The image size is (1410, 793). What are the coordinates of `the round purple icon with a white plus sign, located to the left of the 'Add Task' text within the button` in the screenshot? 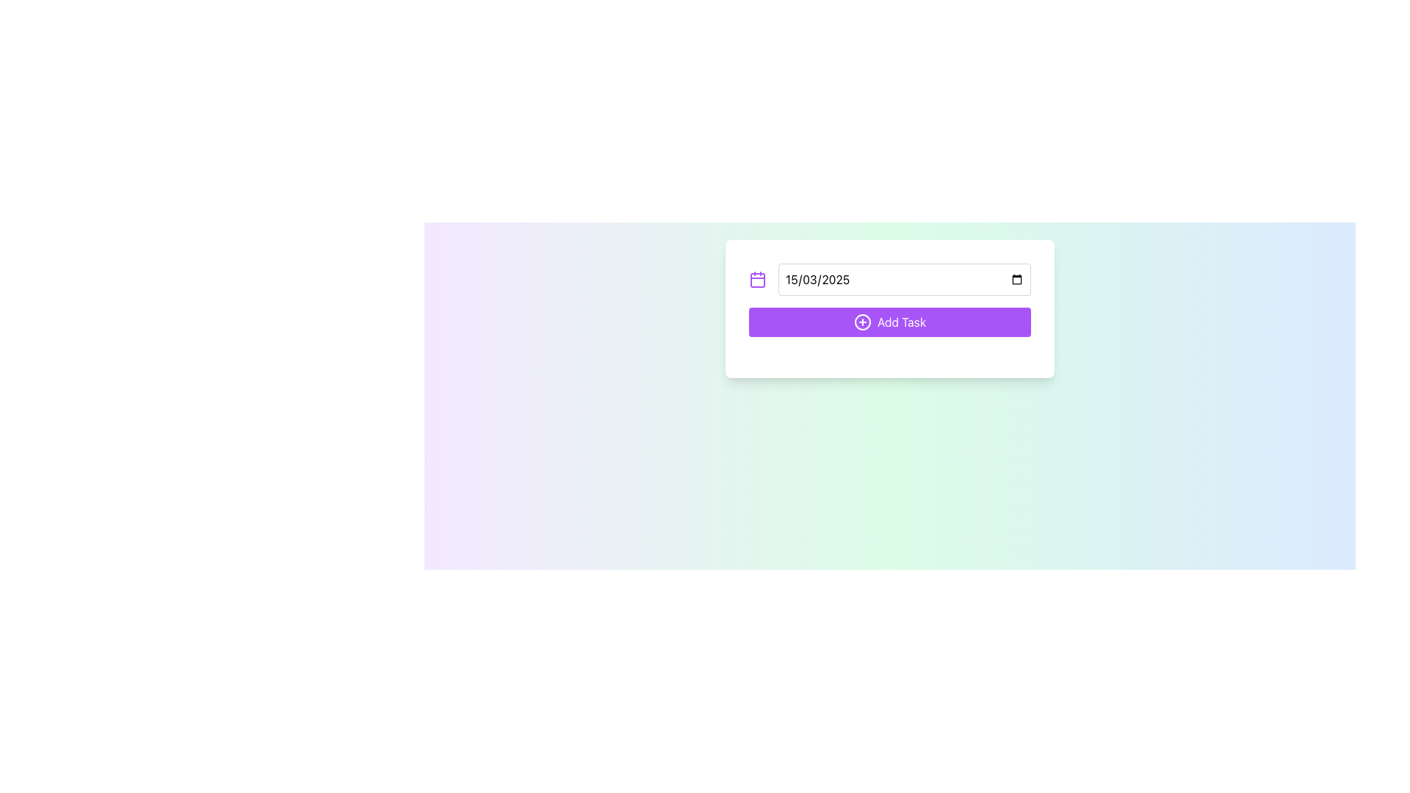 It's located at (862, 322).